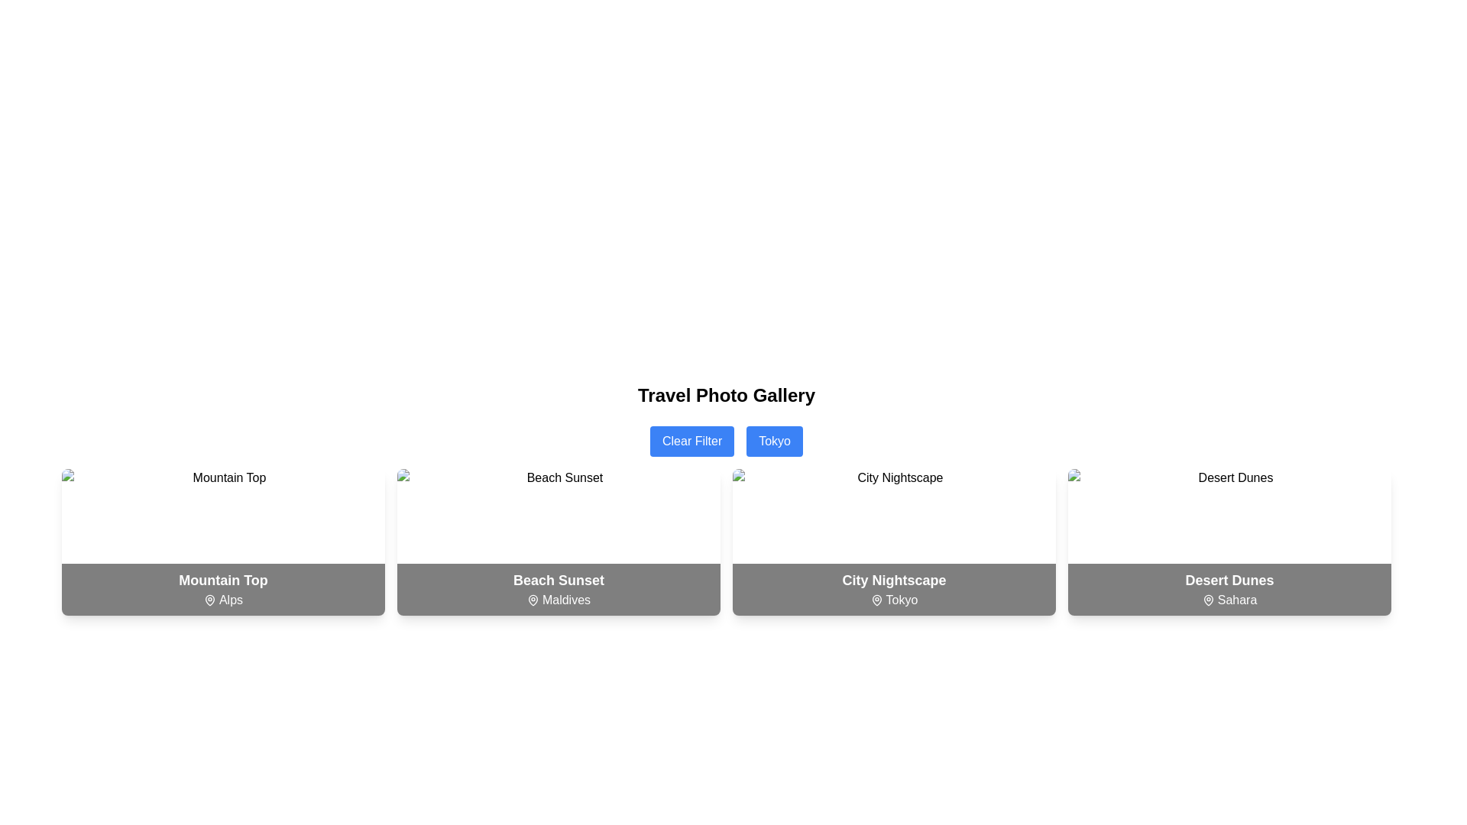 The image size is (1467, 825). I want to click on the text label that describes the geographical location associated with 'Beach Sunset', which is horizontally centered below the title and next to a map pin icon, so click(558, 600).